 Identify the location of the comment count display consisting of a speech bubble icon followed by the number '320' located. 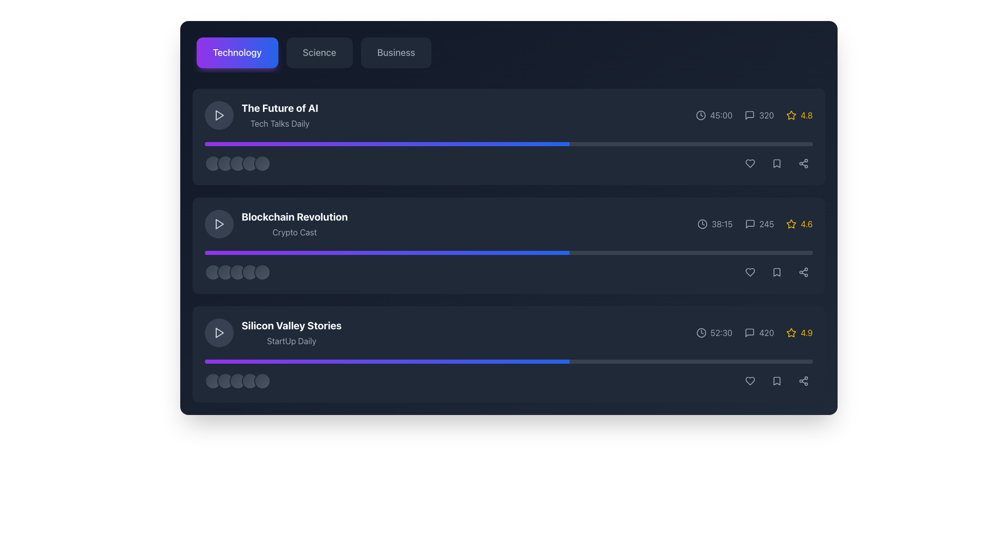
(754, 115).